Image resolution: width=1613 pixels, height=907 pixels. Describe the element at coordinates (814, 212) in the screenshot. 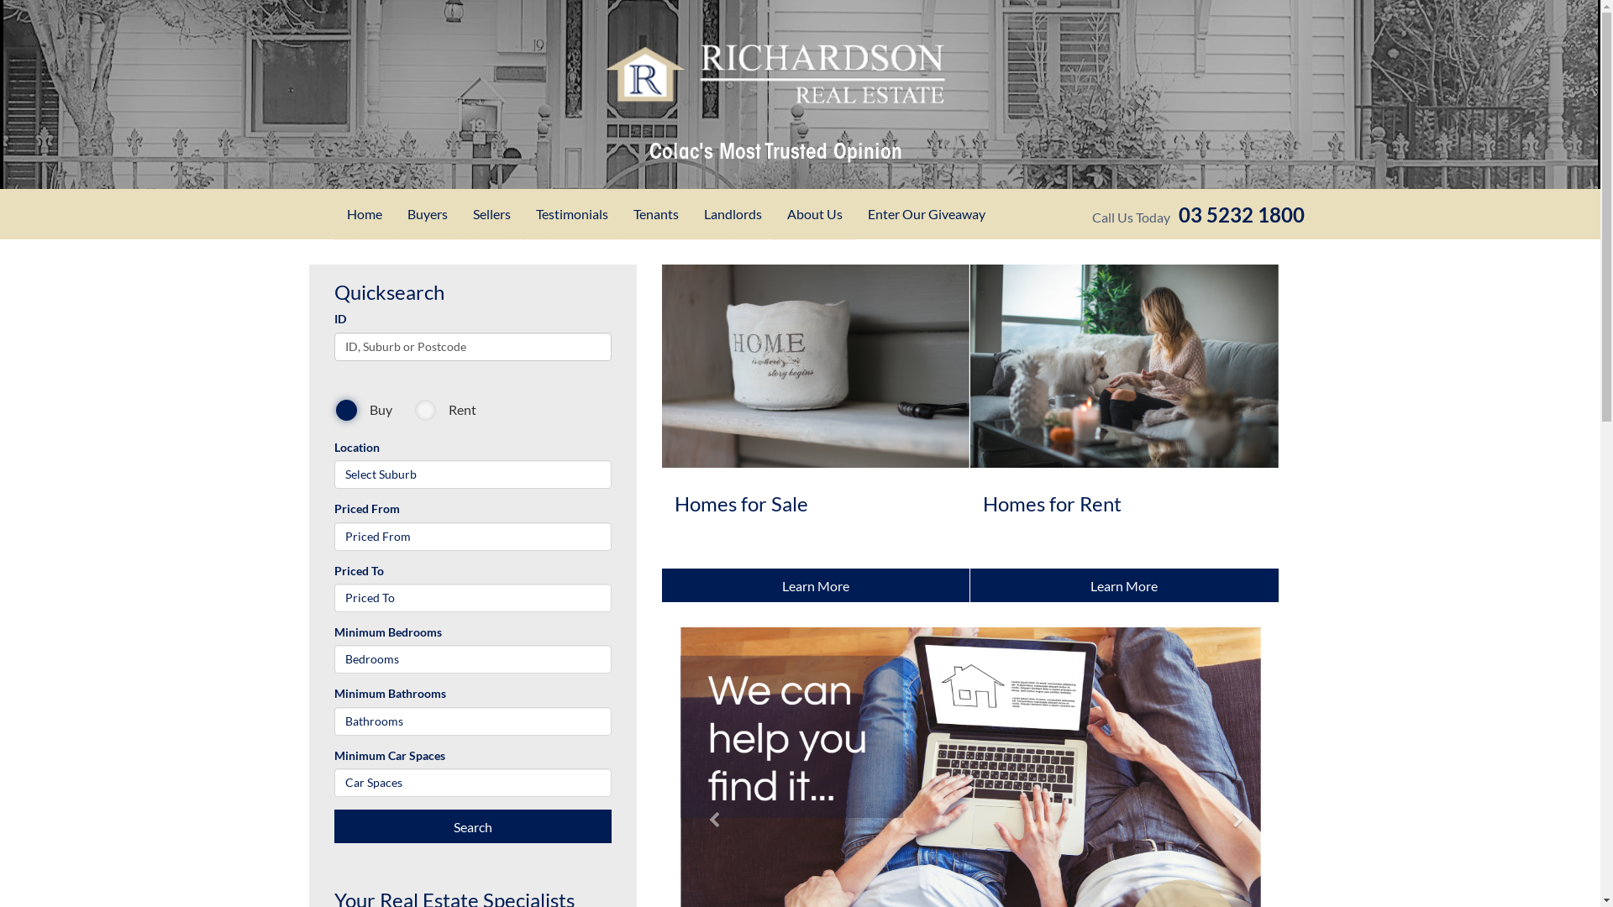

I see `'About Us'` at that location.